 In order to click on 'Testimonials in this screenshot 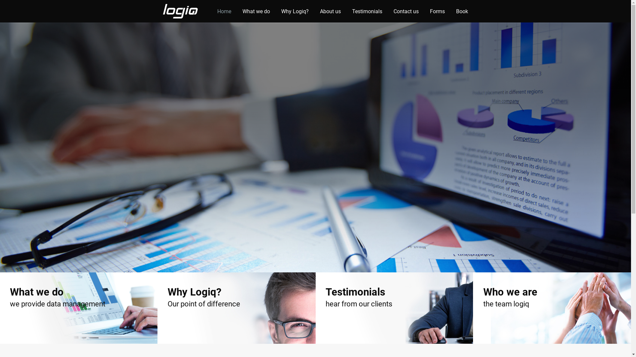, I will do `click(394, 308)`.